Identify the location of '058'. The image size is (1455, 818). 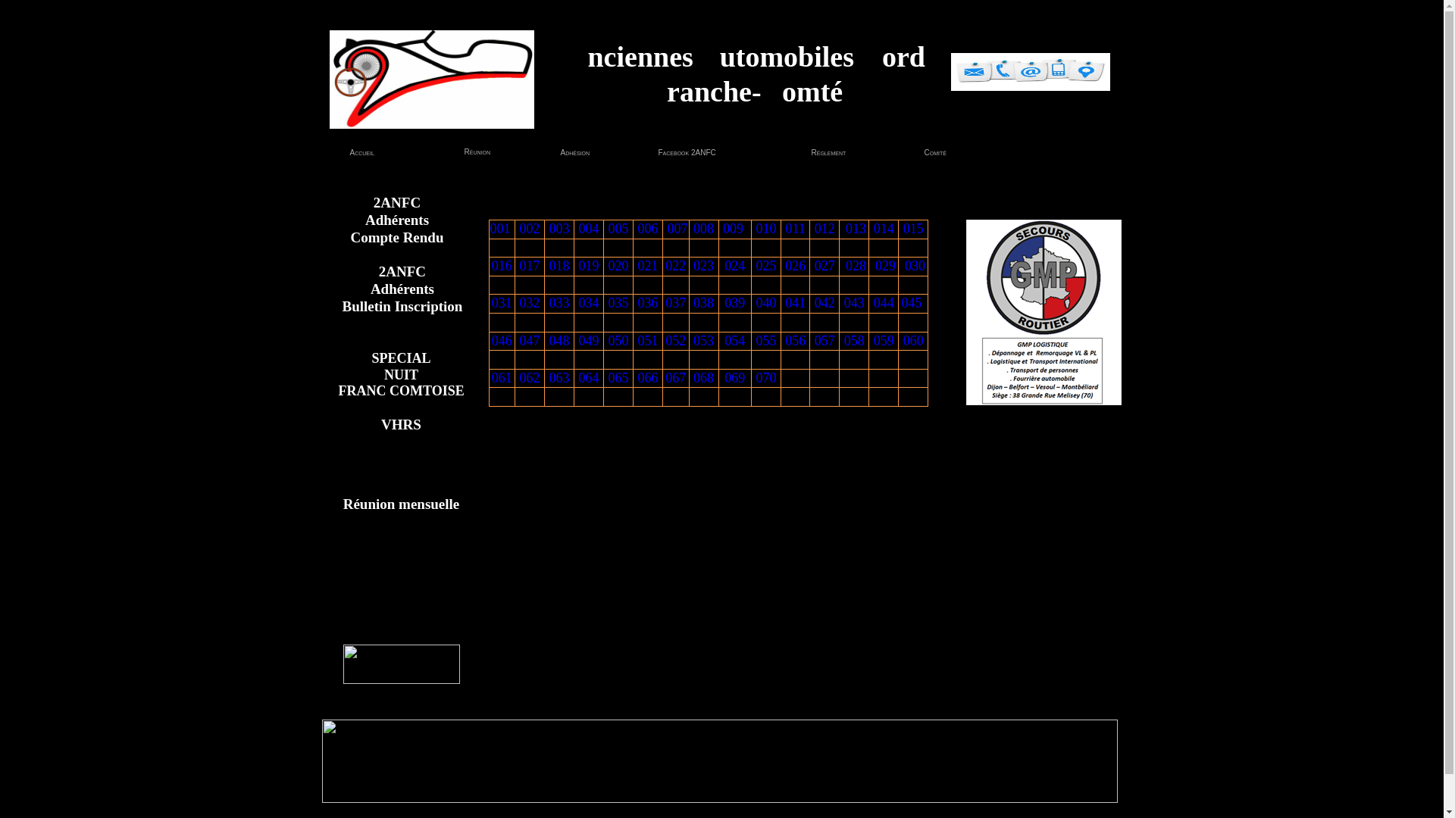
(843, 341).